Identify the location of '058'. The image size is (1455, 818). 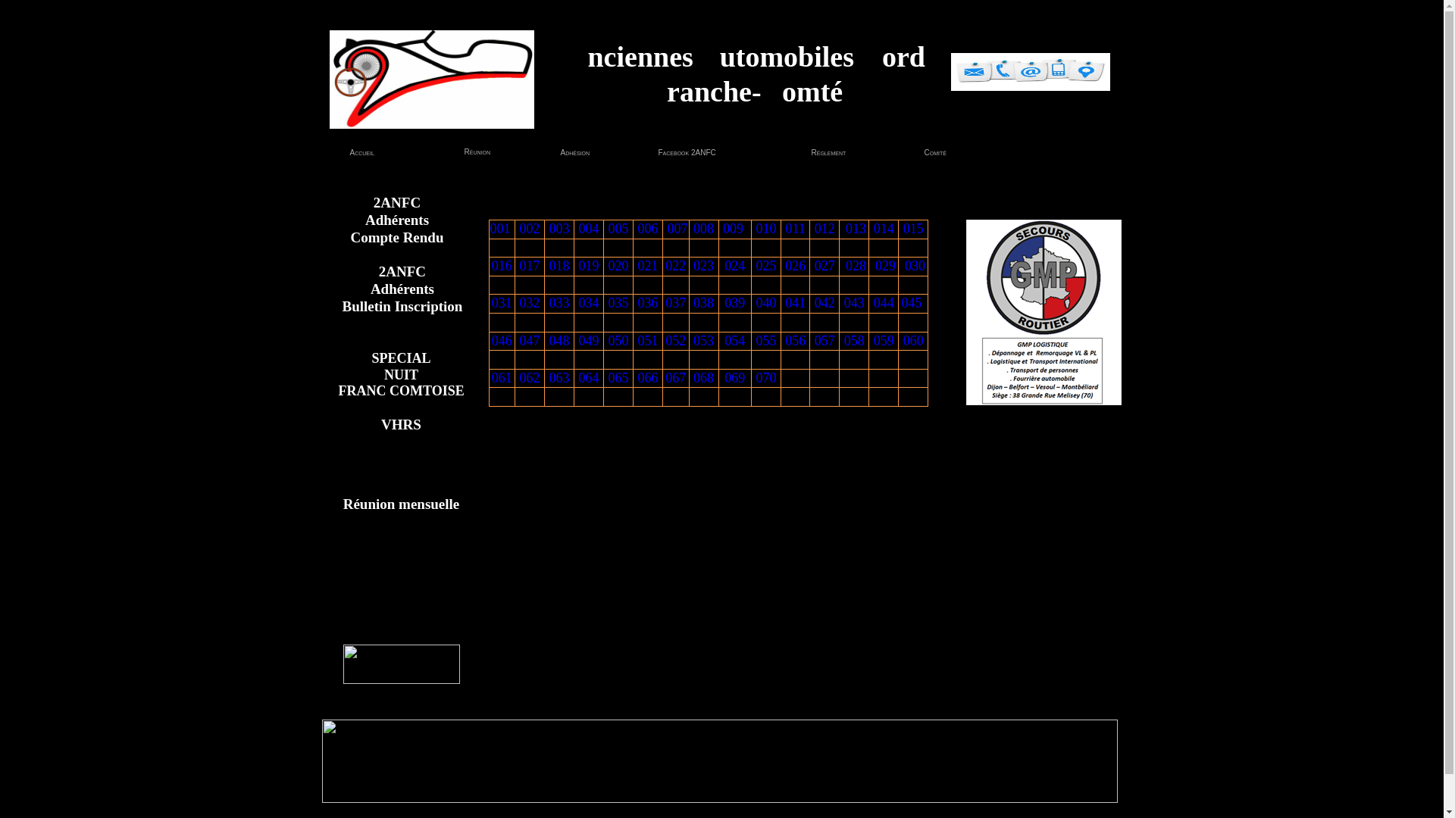
(843, 341).